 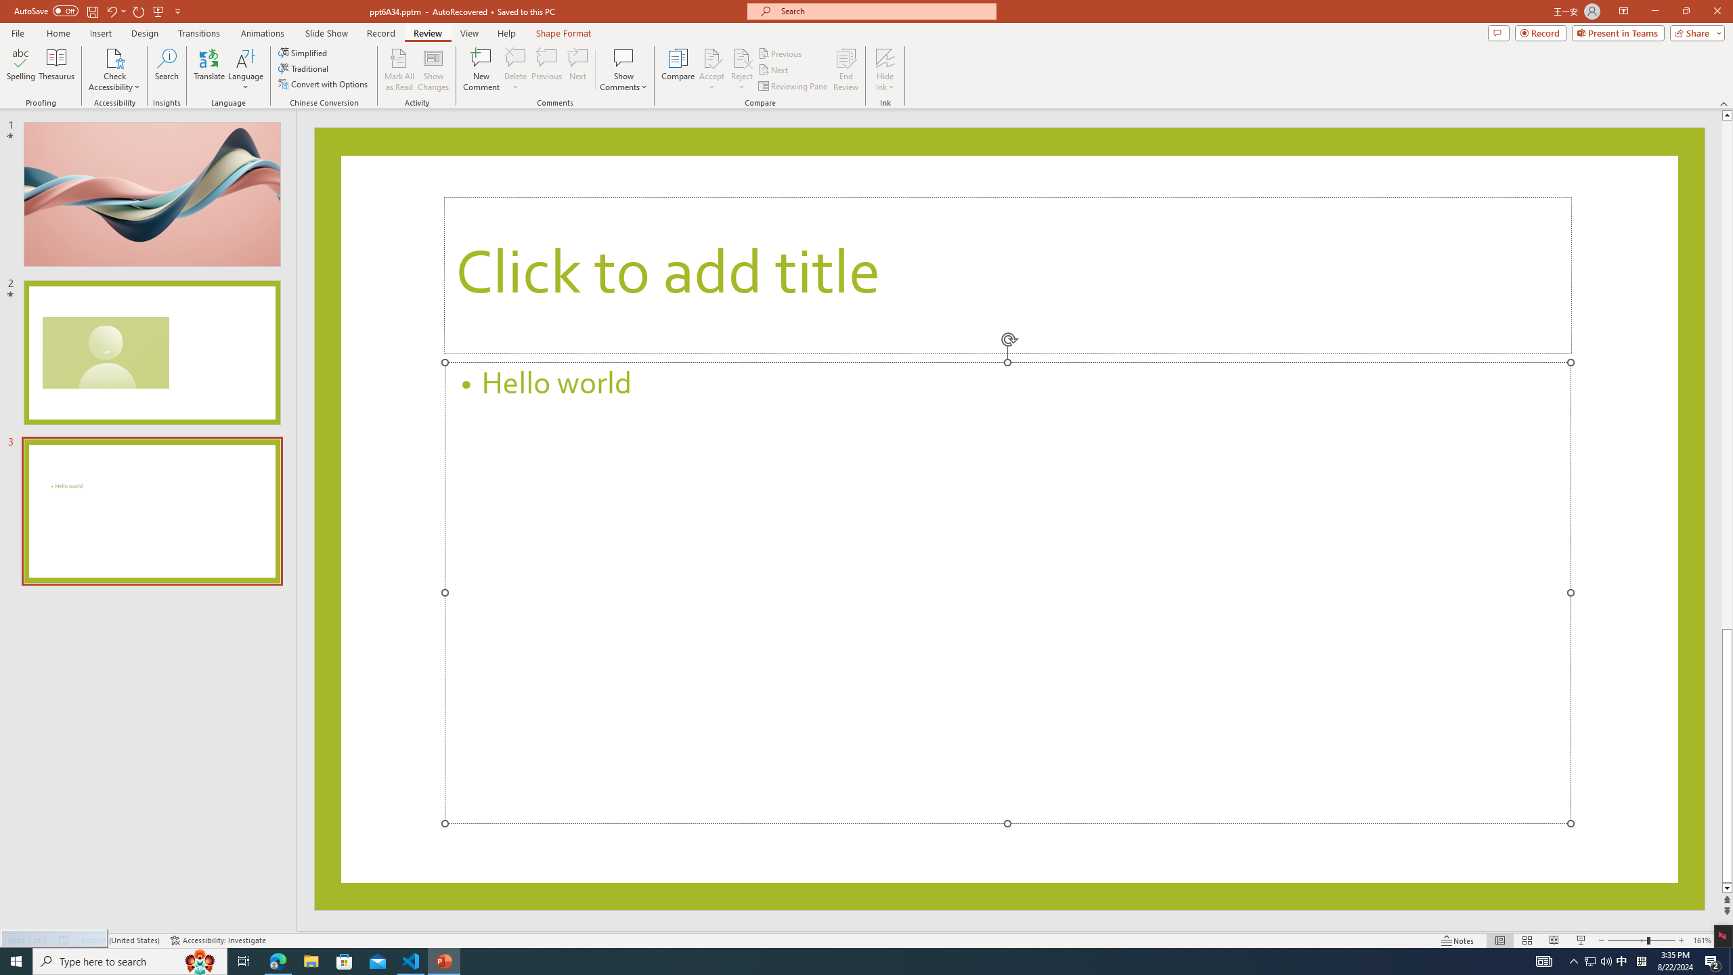 What do you see at coordinates (323, 83) in the screenshot?
I see `'Convert with Options...'` at bounding box center [323, 83].